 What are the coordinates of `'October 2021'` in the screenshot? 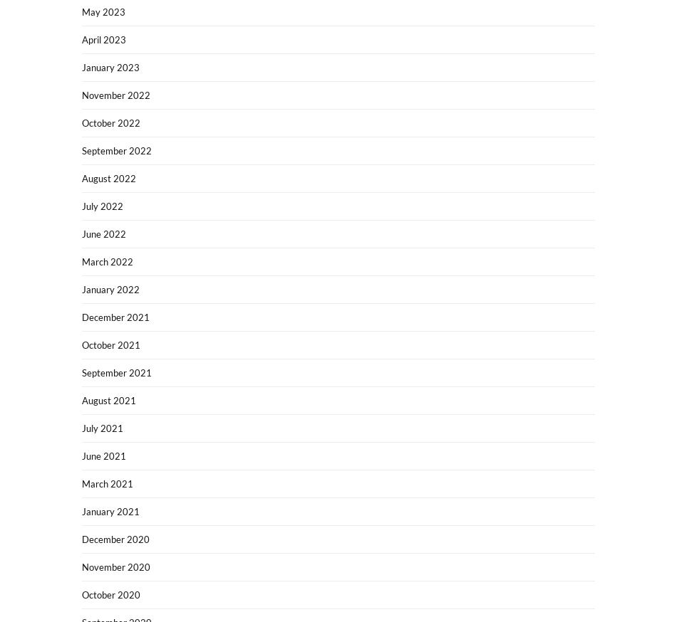 It's located at (110, 344).